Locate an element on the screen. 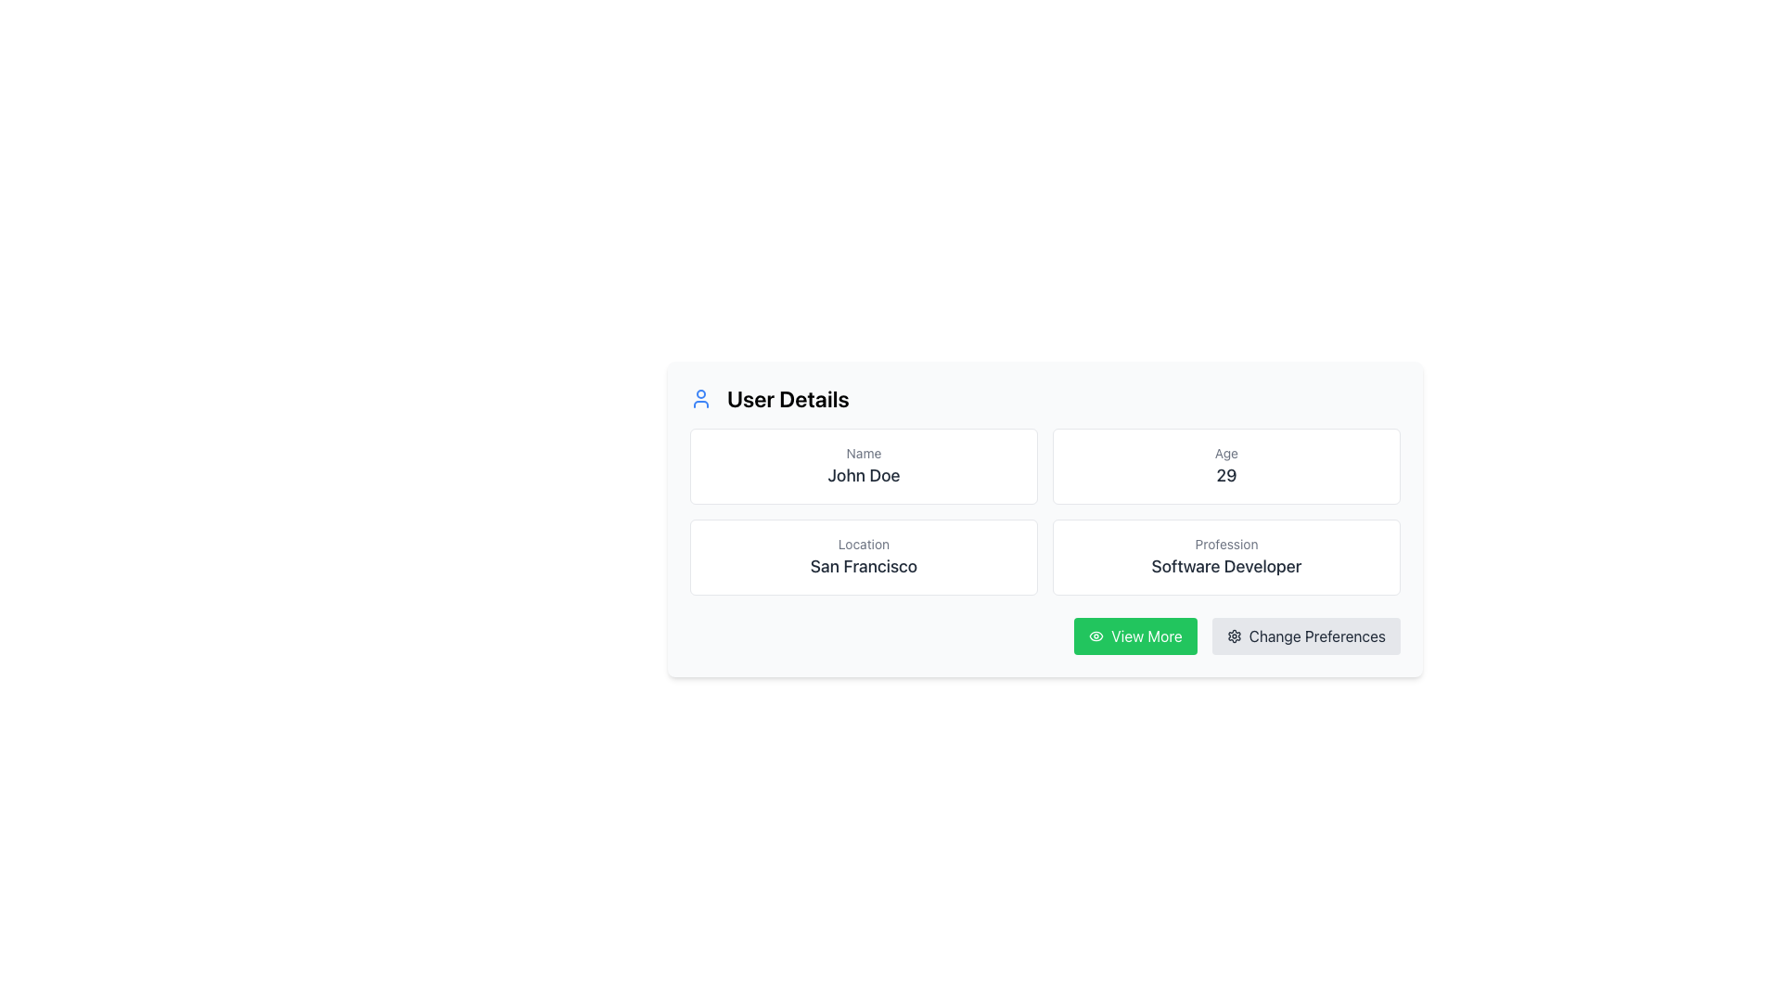  the text display card component that shows 'Profession' and 'Software Developer', located in the bottom-right corner of a two-column grid layout is located at coordinates (1226, 557).